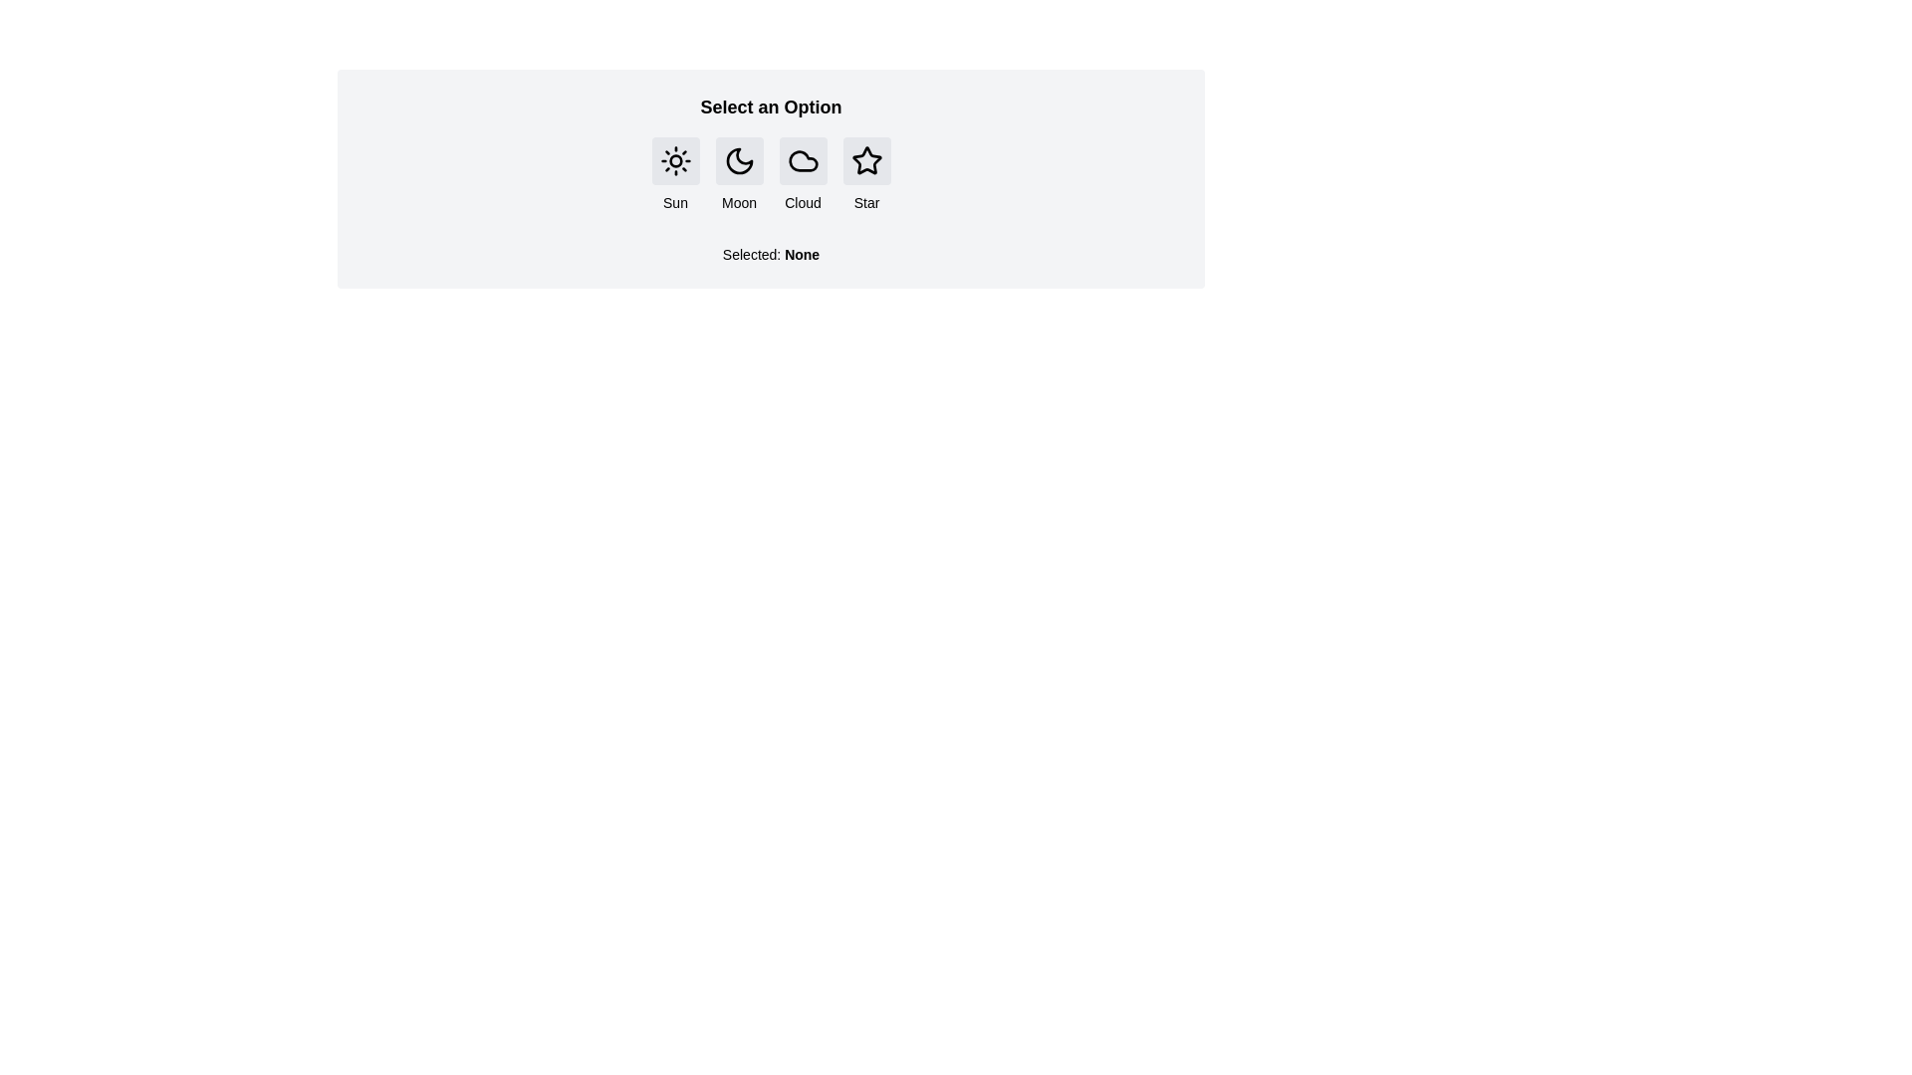  Describe the element at coordinates (866, 160) in the screenshot. I see `the button that allows the user` at that location.